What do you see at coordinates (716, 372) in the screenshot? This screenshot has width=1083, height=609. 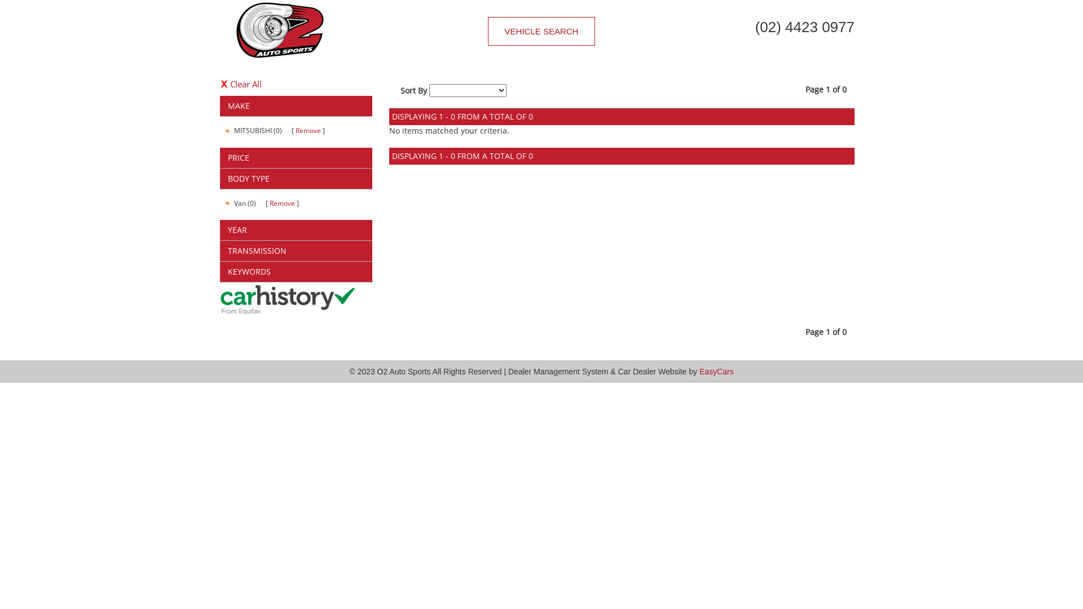 I see `'EasyCars'` at bounding box center [716, 372].